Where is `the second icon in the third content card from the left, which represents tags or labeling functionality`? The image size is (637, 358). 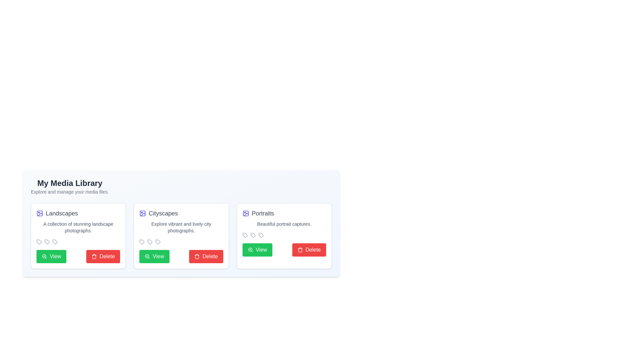
the second icon in the third content card from the left, which represents tags or labeling functionality is located at coordinates (252, 235).